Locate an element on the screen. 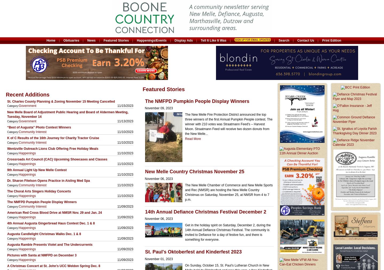 This screenshot has height=270, width=384. 'American Red Cross Blood Drive at NMSR Nov. 29 and Jan. 24' is located at coordinates (54, 213).